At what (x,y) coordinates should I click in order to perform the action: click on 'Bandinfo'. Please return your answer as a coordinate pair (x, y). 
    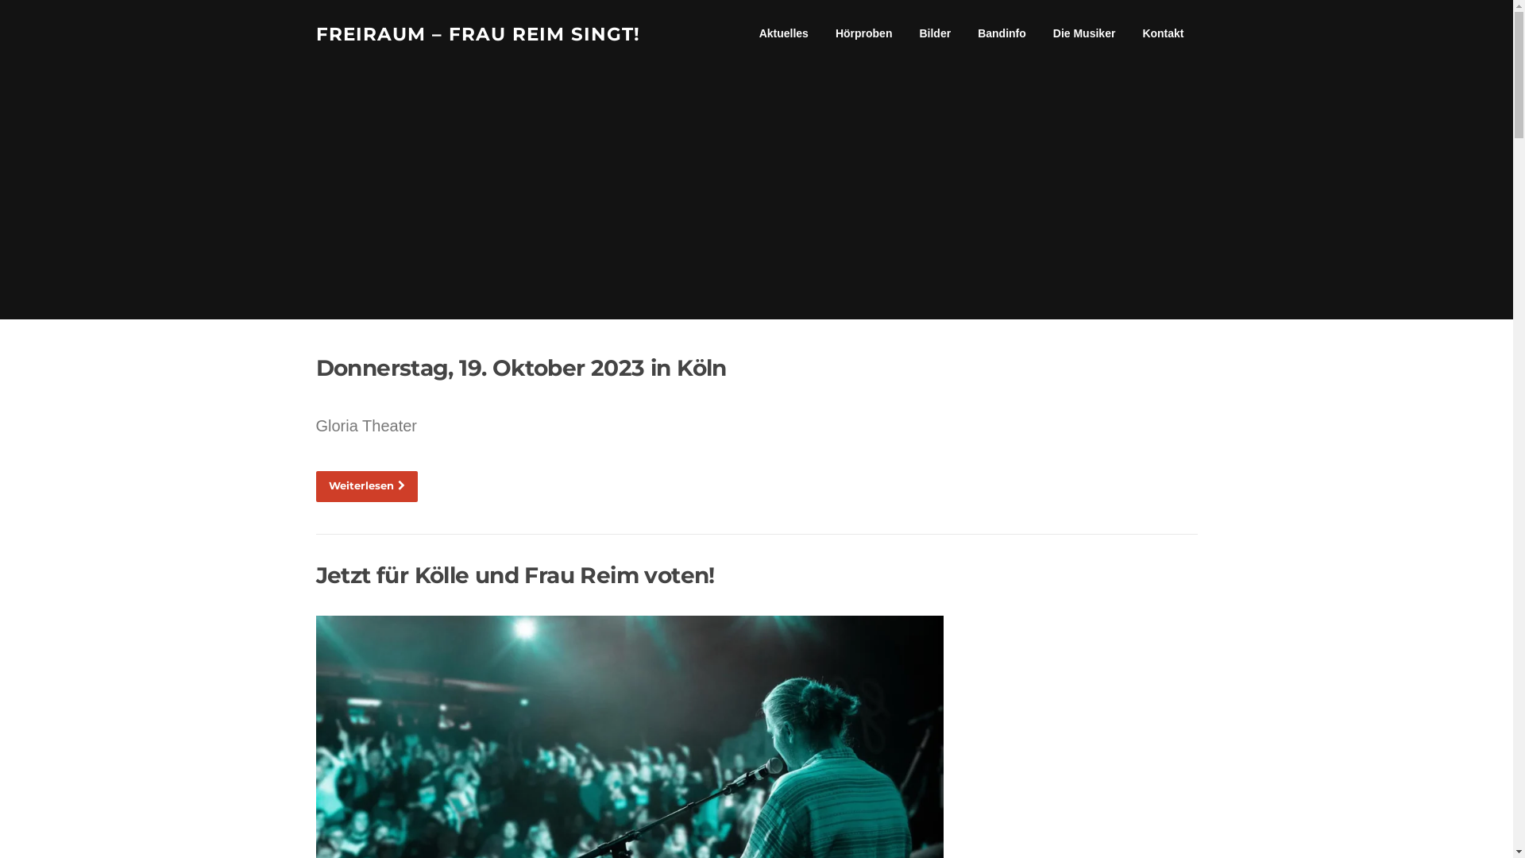
    Looking at the image, I should click on (1001, 33).